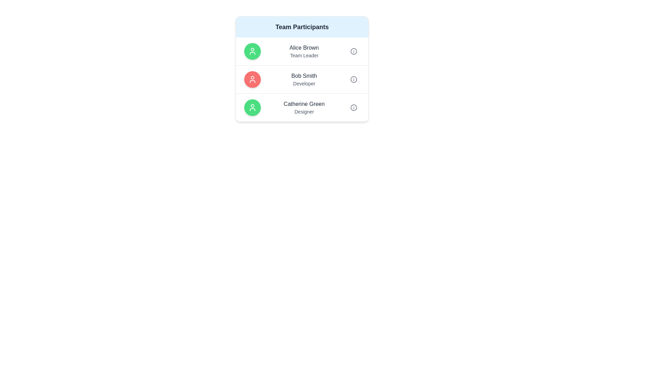  Describe the element at coordinates (252, 51) in the screenshot. I see `the Avatar icon representing Alice Brown, the Team Leader` at that location.